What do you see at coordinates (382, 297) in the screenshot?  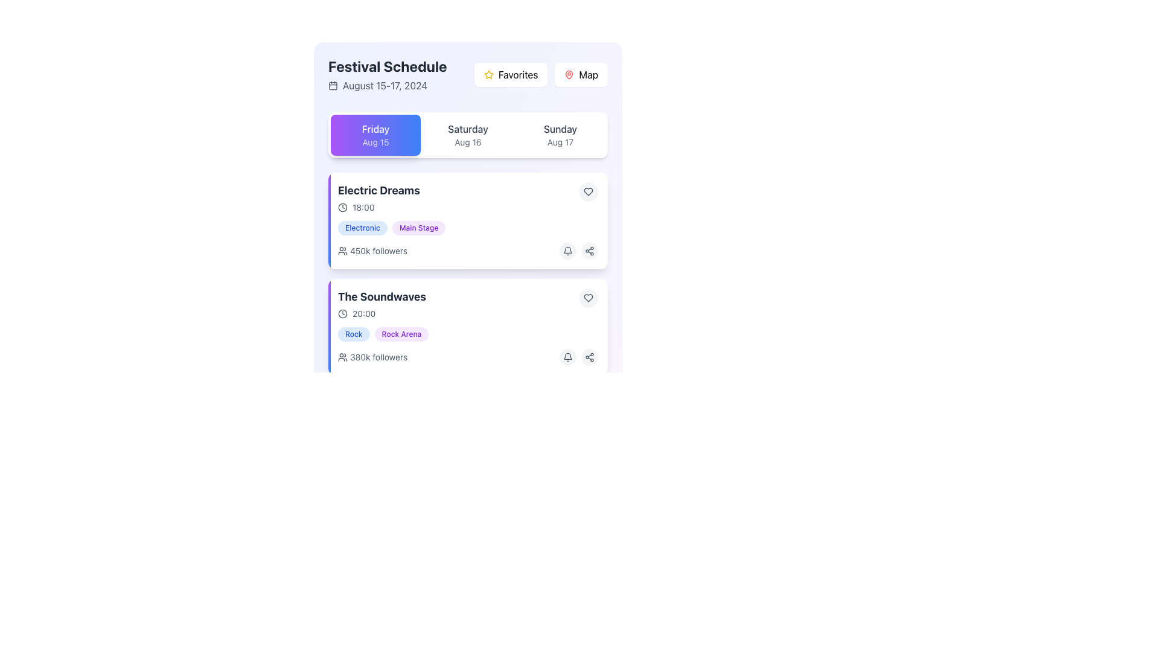 I see `text from the label displaying 'The Soundwaves' located above the time '20:00' in the second list item of the schedule section` at bounding box center [382, 297].